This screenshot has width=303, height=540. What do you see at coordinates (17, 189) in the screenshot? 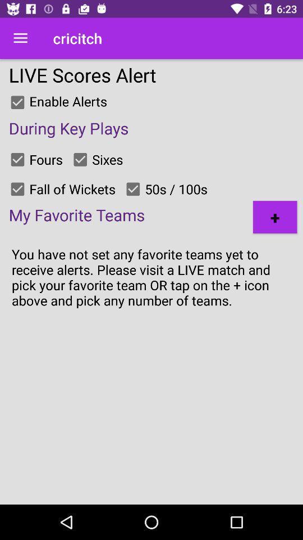
I see `item above the my favorite teams icon` at bounding box center [17, 189].